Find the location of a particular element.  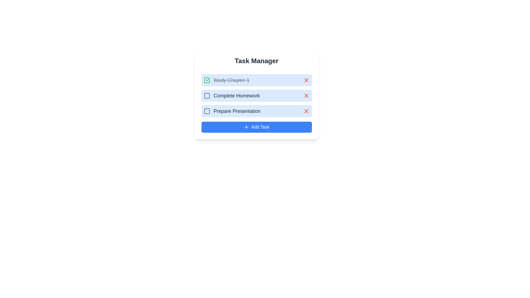

the button located at the right end of the row labeled 'Prepare Presentation' is located at coordinates (306, 111).